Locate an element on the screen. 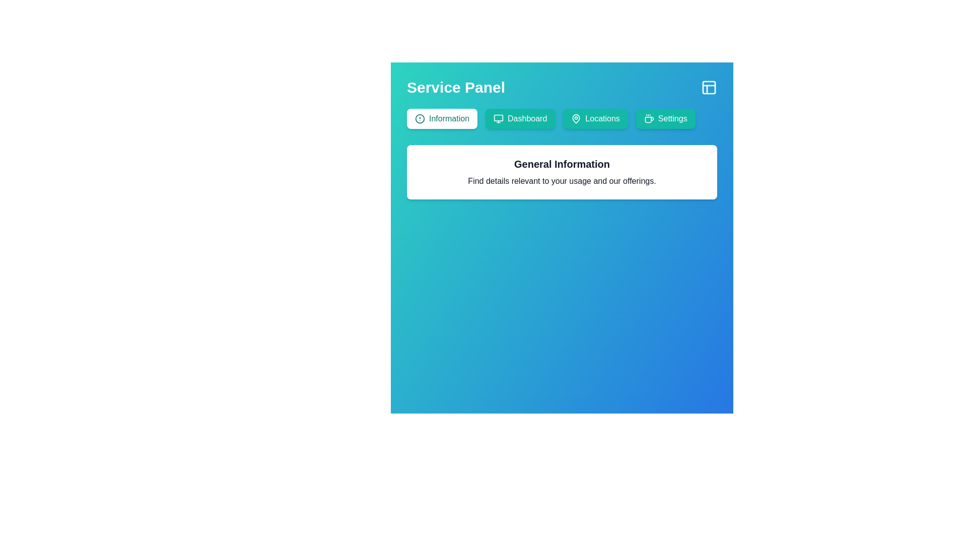  information from the Text Block titled 'General Information', which provides details relevant to usage and offerings is located at coordinates (562, 172).